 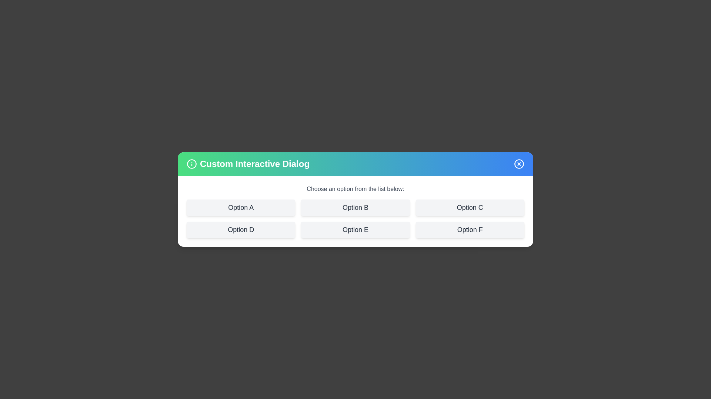 I want to click on close button to dismiss the dialog, so click(x=518, y=163).